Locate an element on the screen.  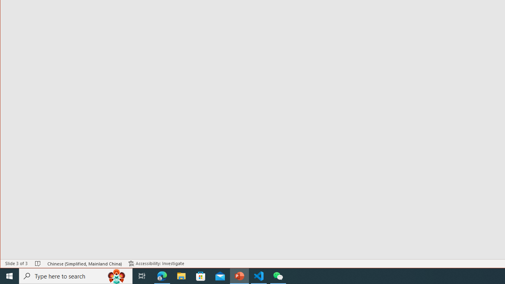
'Type here to search' is located at coordinates (76, 275).